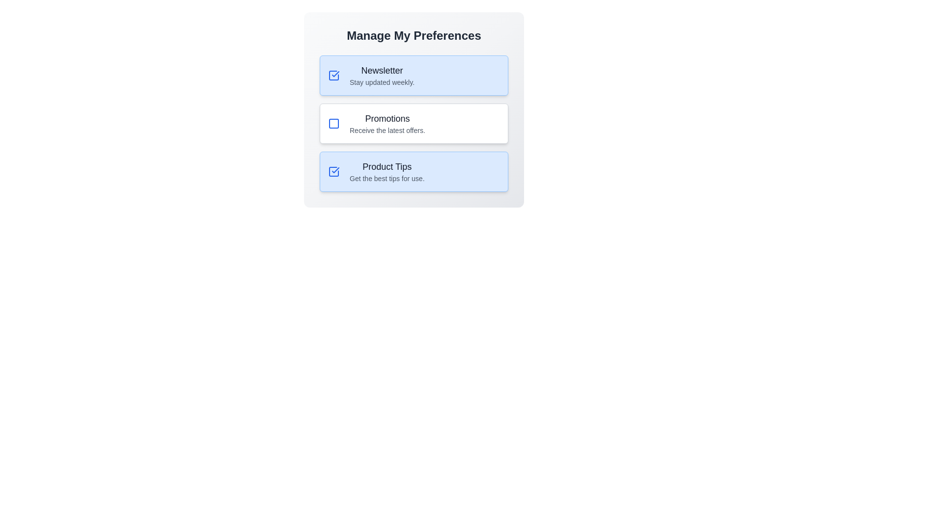 Image resolution: width=943 pixels, height=530 pixels. Describe the element at coordinates (414, 123) in the screenshot. I see `the checkbox option for promotional updates in the 'Manage My Preferences' section` at that location.